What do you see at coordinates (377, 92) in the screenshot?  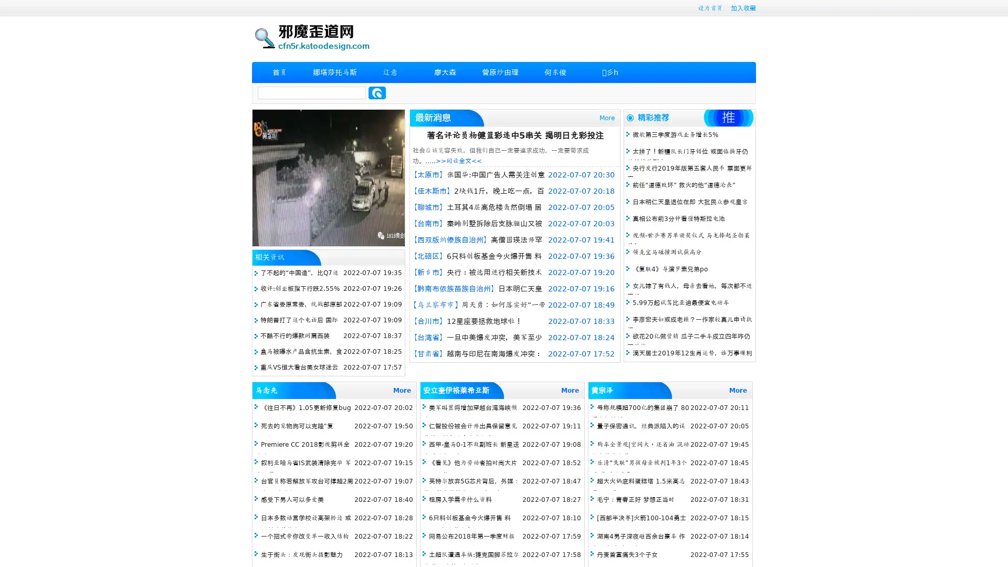 I see `Search` at bounding box center [377, 92].